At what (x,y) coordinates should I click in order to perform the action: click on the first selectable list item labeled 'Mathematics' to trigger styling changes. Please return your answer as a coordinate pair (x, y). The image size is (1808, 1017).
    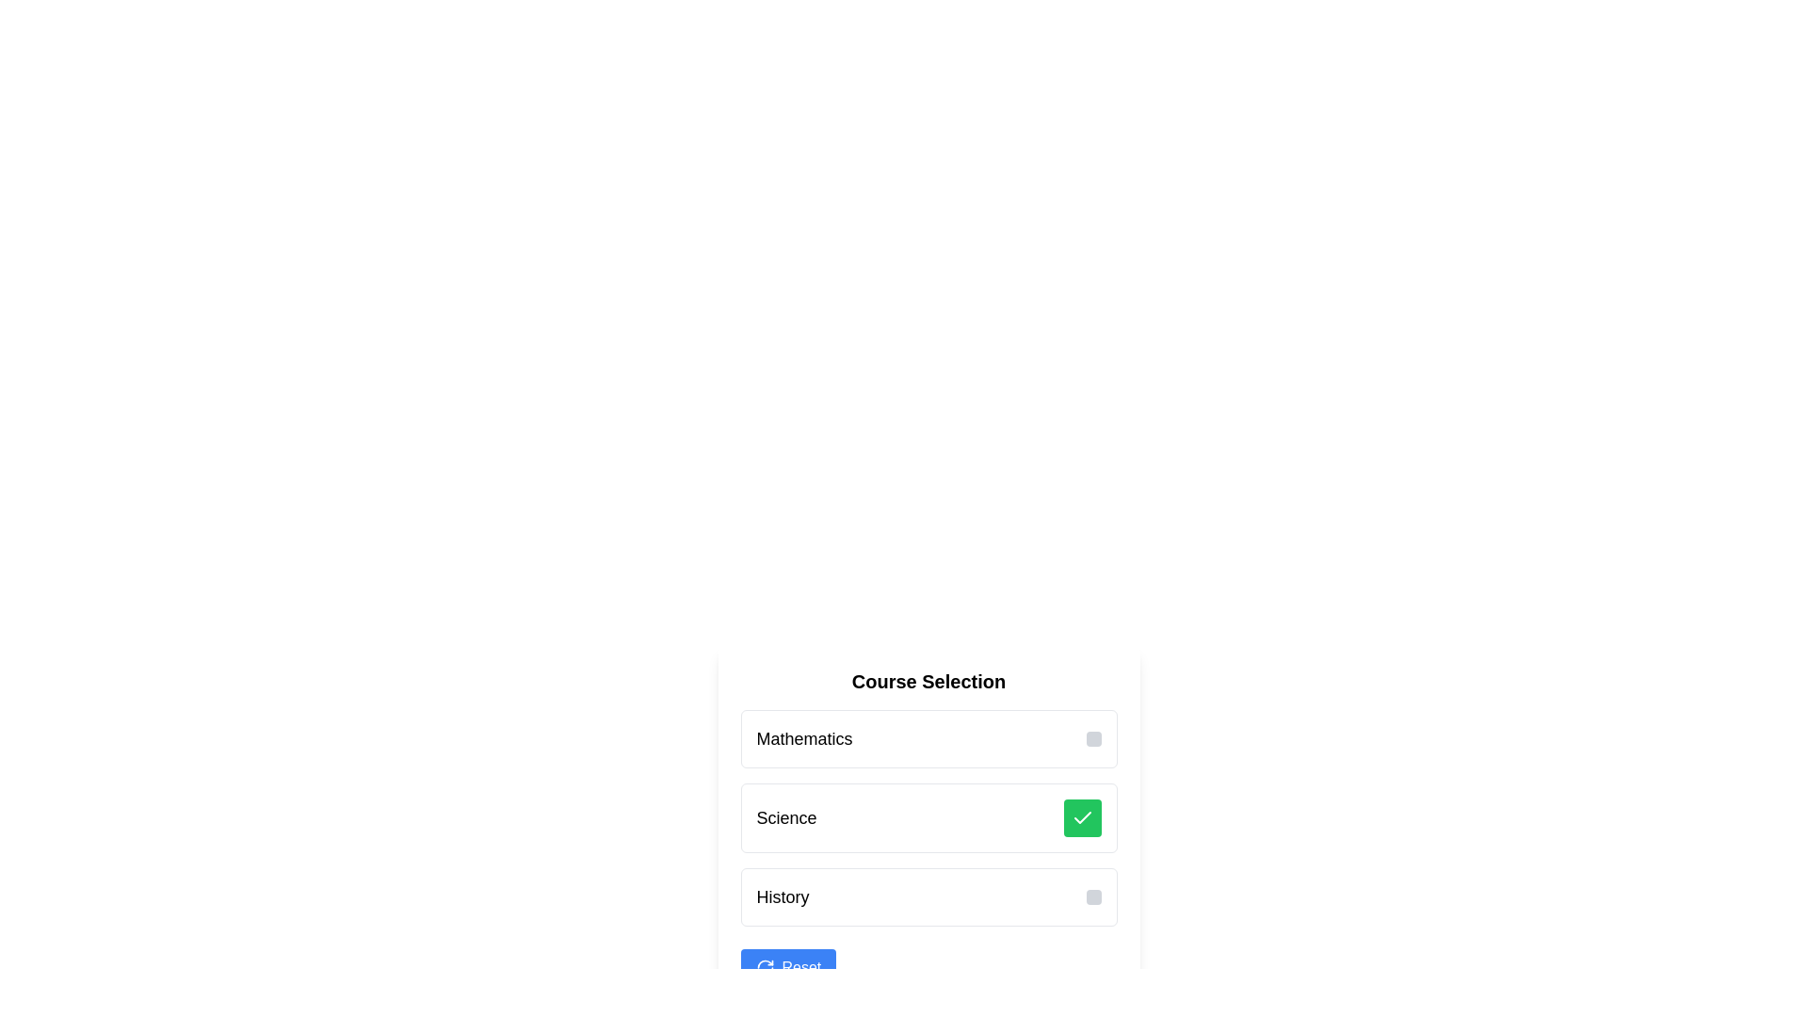
    Looking at the image, I should click on (928, 738).